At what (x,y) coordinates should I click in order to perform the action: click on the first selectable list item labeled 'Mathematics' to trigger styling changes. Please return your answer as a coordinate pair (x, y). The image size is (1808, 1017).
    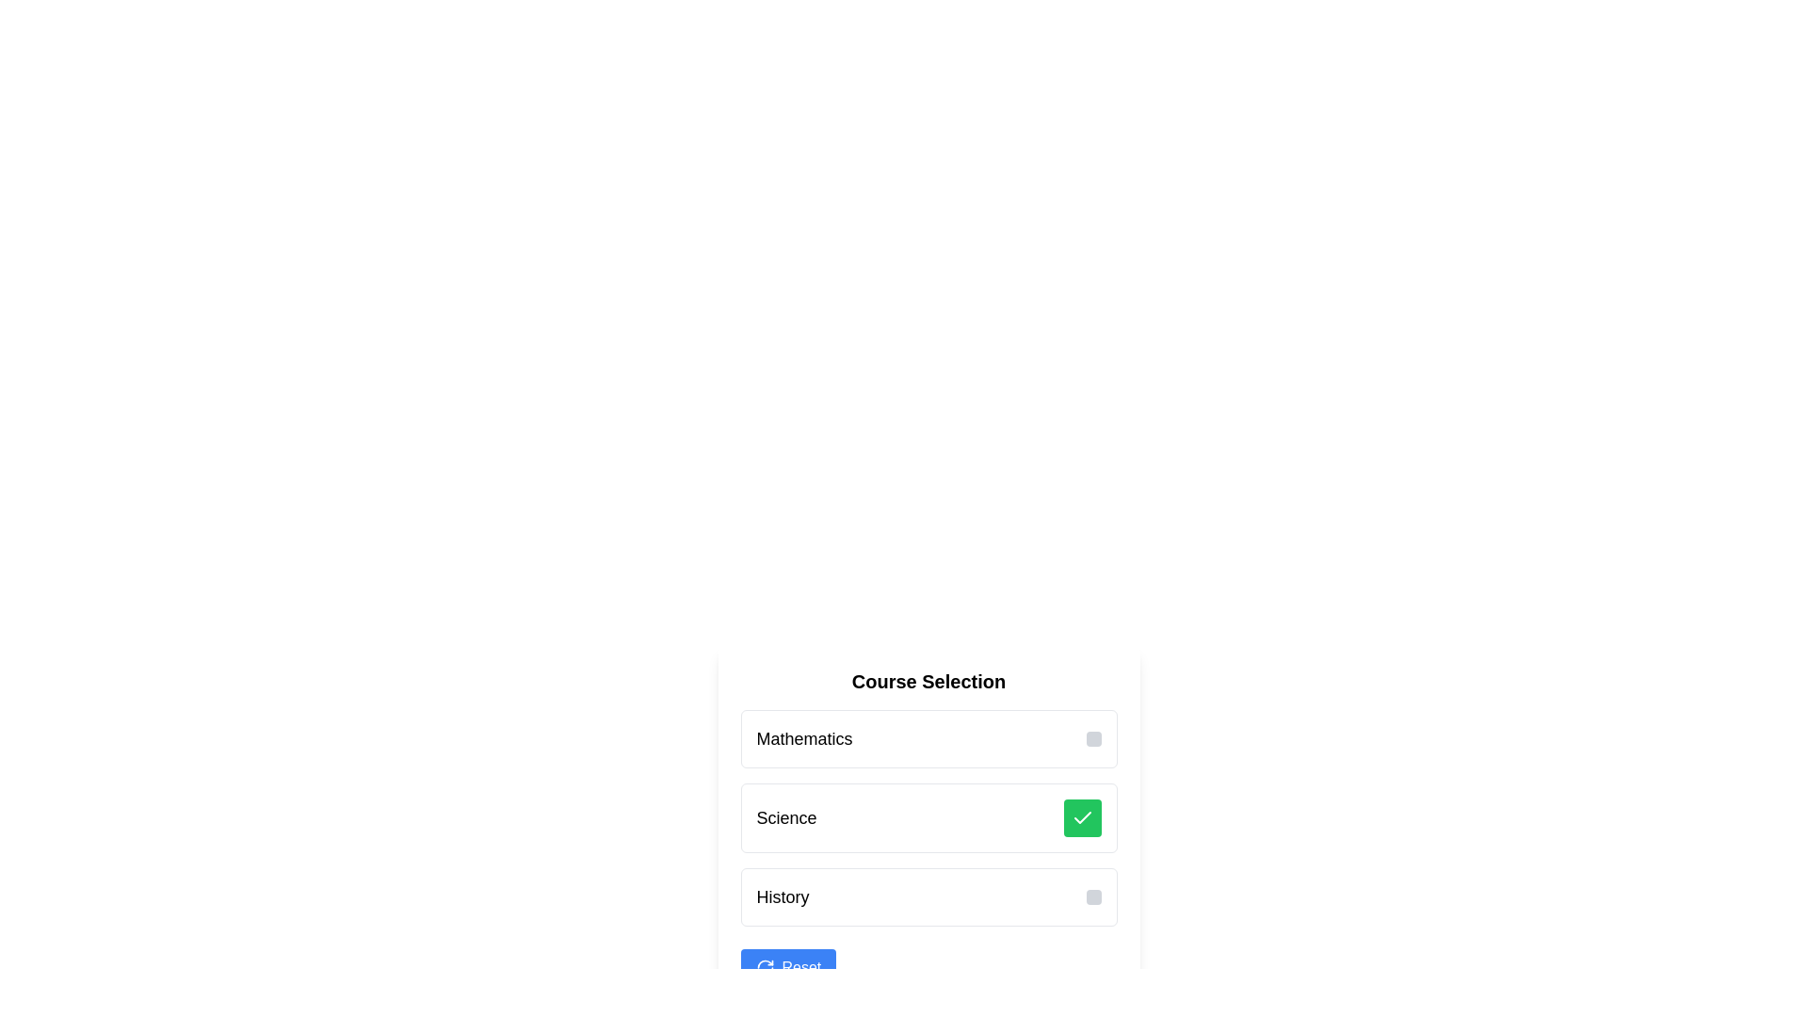
    Looking at the image, I should click on (928, 738).